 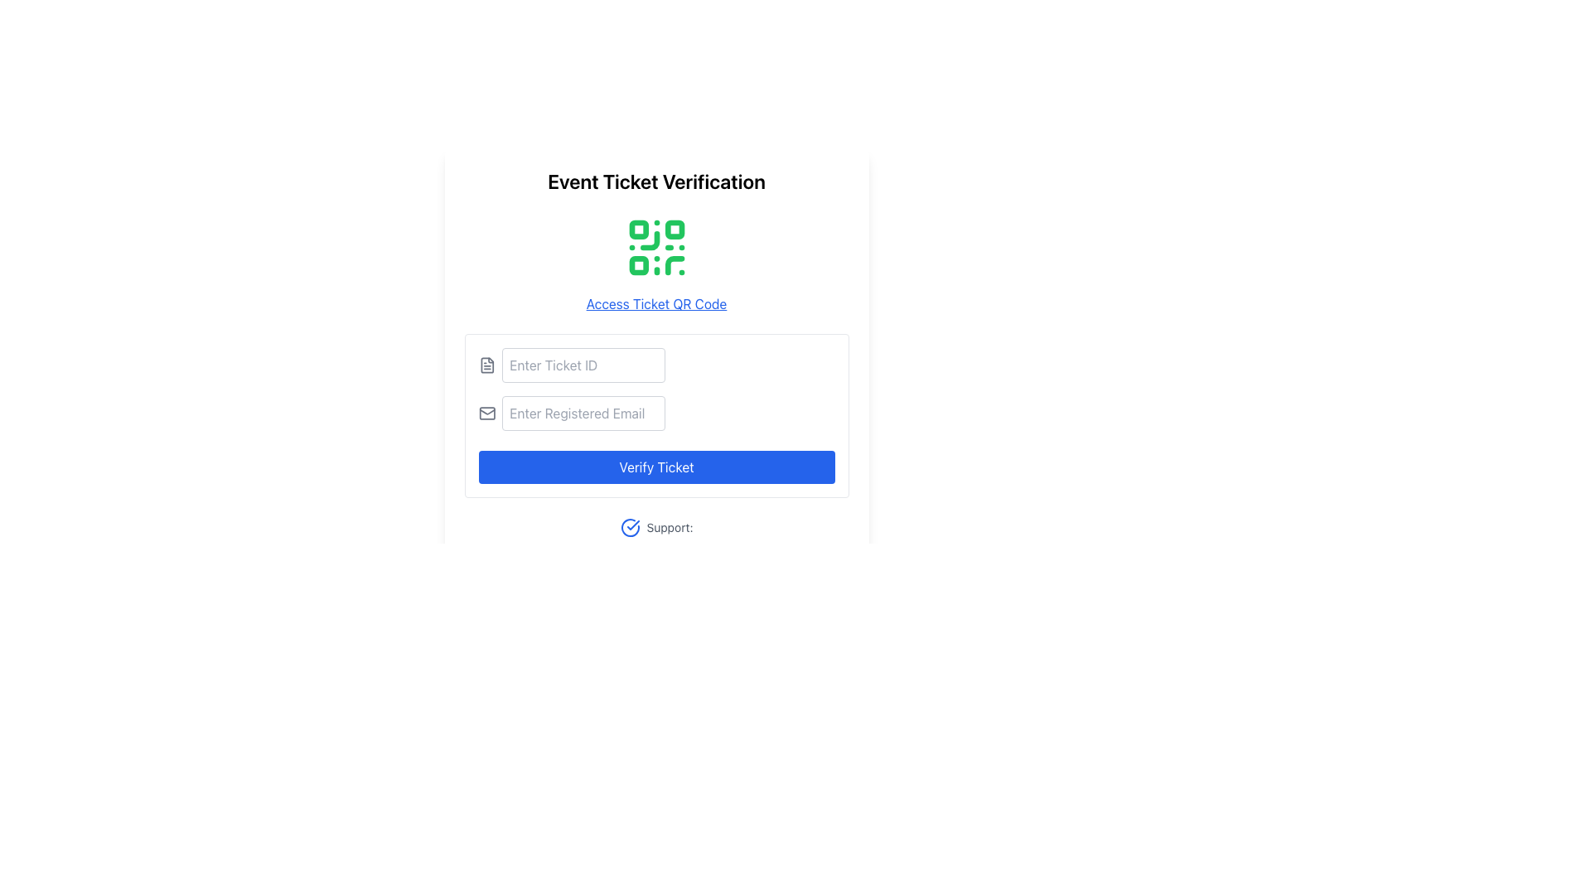 I want to click on the blue 'Verify Ticket' button located at the bottom of the form, which has white text and is the third interactive element under the input fields, so click(x=655, y=467).